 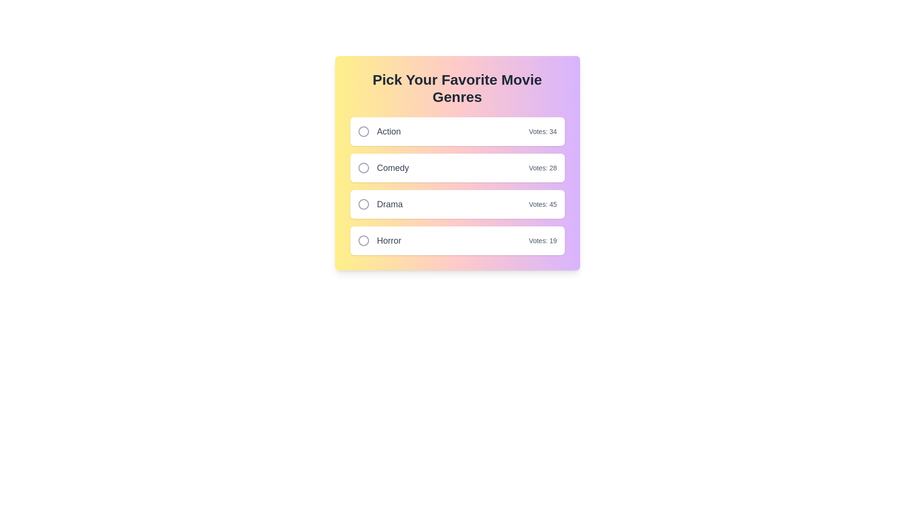 What do you see at coordinates (363, 131) in the screenshot?
I see `the genre Action` at bounding box center [363, 131].